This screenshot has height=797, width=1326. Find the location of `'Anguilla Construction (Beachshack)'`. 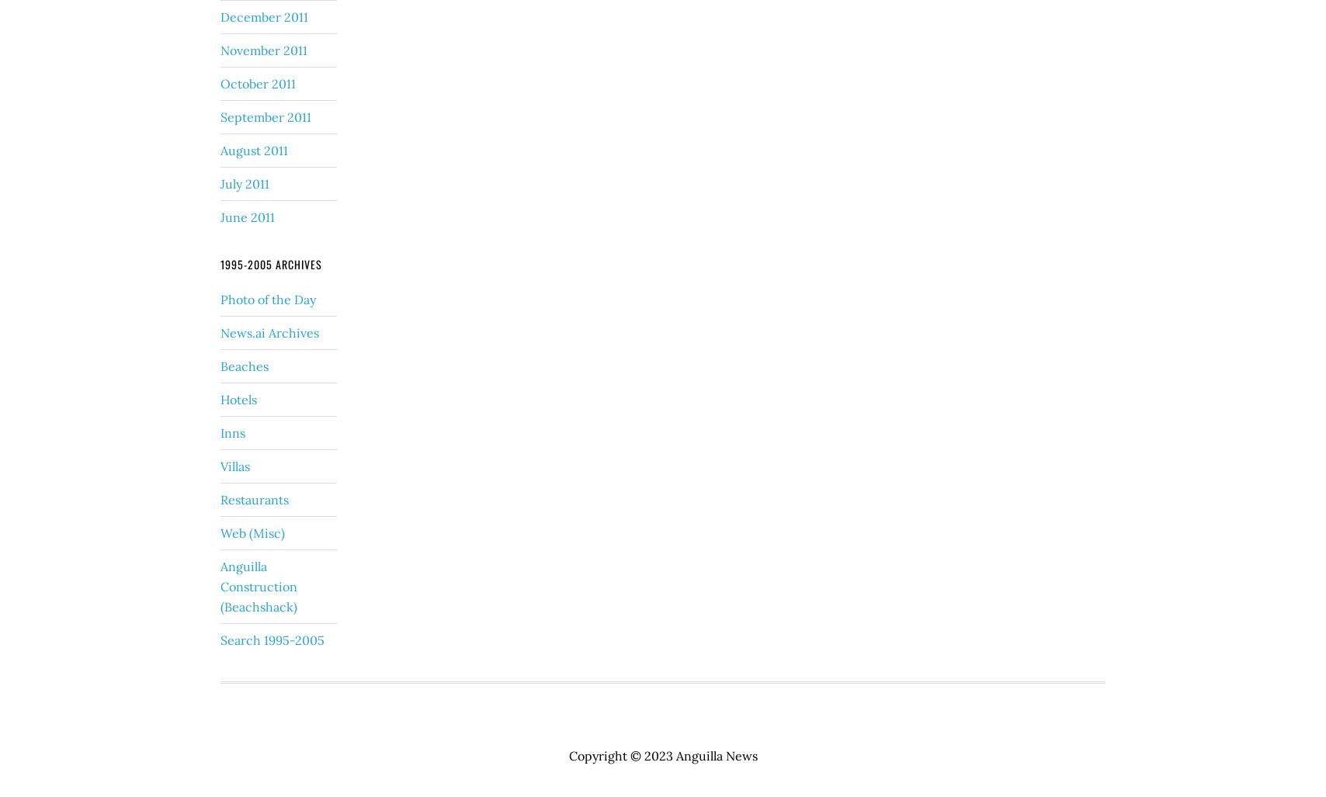

'Anguilla Construction (Beachshack)' is located at coordinates (259, 585).